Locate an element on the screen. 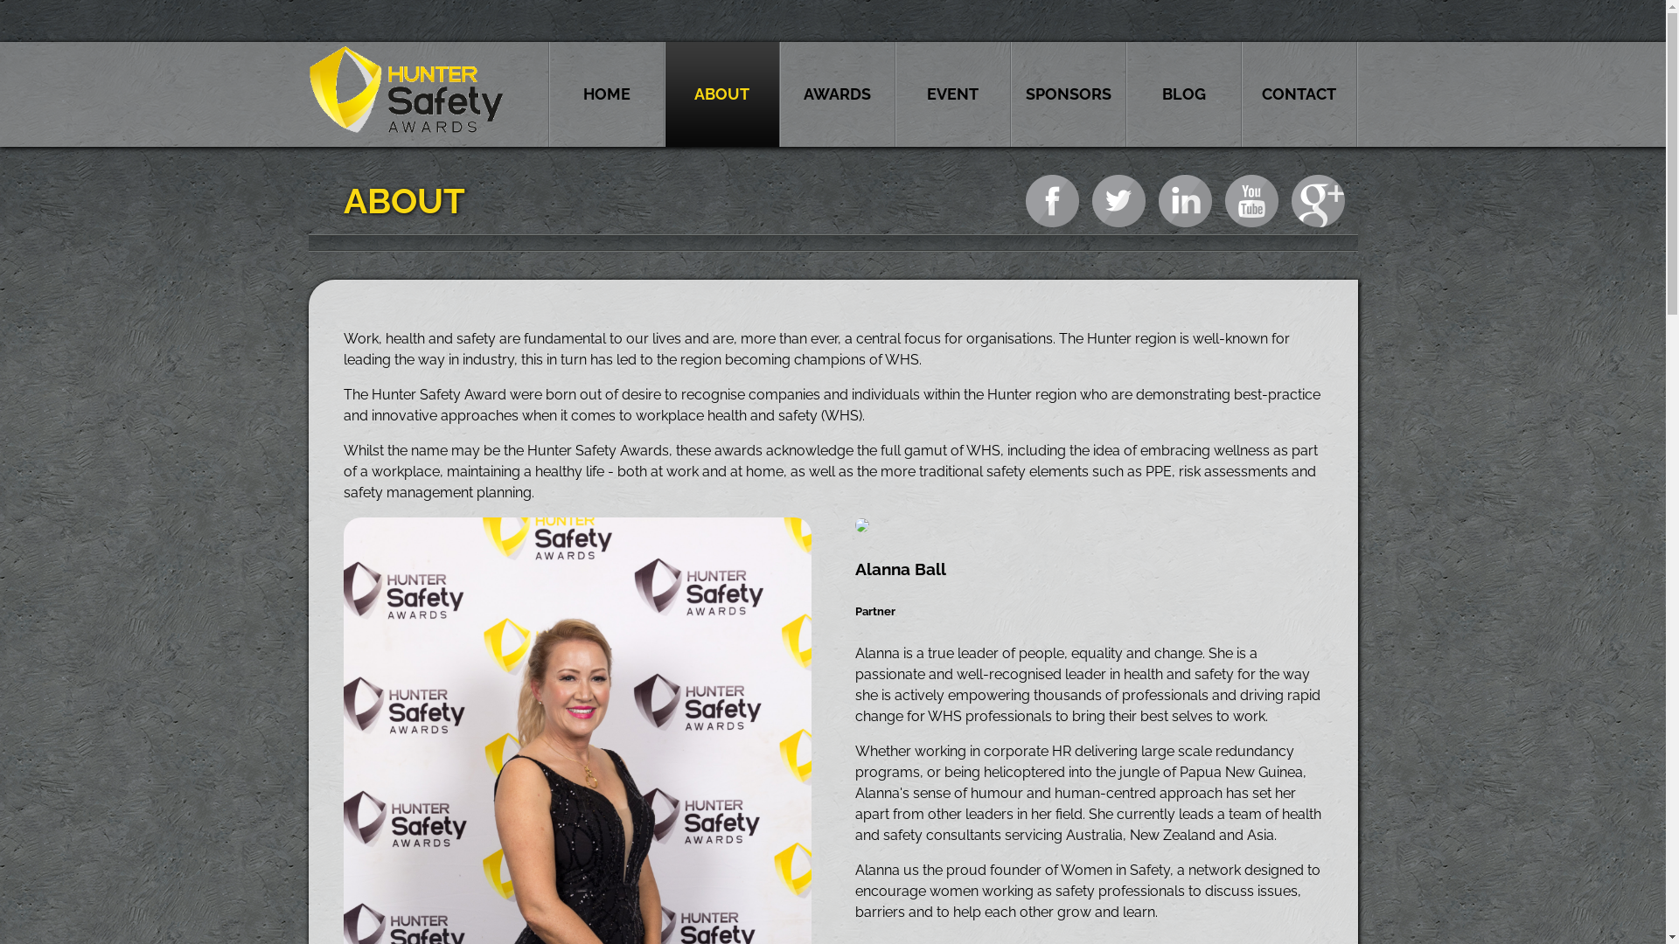 The height and width of the screenshot is (944, 1679). 'SPONSORS' is located at coordinates (1066, 94).